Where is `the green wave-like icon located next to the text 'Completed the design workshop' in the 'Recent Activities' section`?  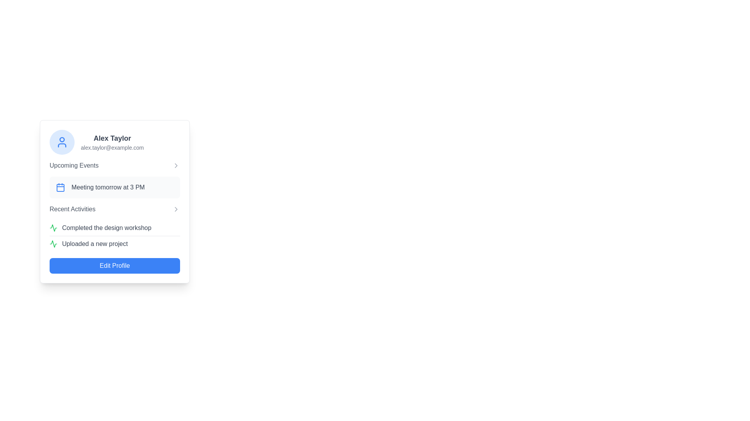 the green wave-like icon located next to the text 'Completed the design workshop' in the 'Recent Activities' section is located at coordinates (53, 243).